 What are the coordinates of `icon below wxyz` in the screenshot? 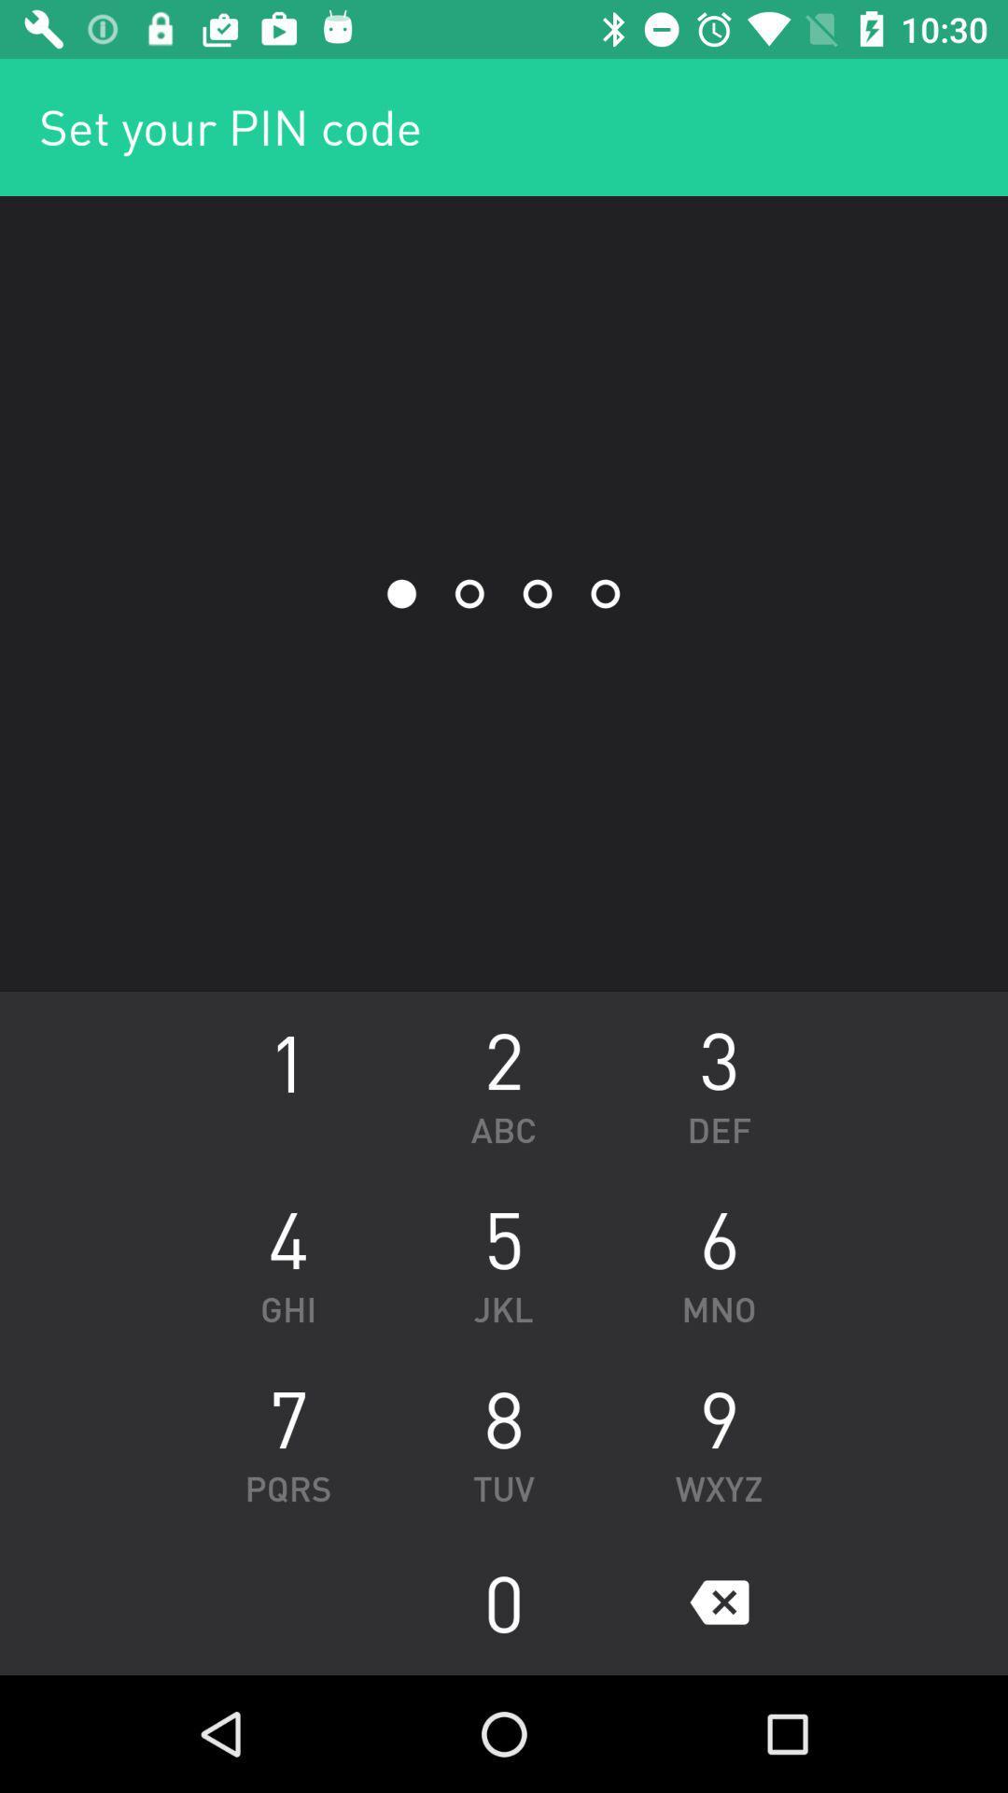 It's located at (719, 1601).